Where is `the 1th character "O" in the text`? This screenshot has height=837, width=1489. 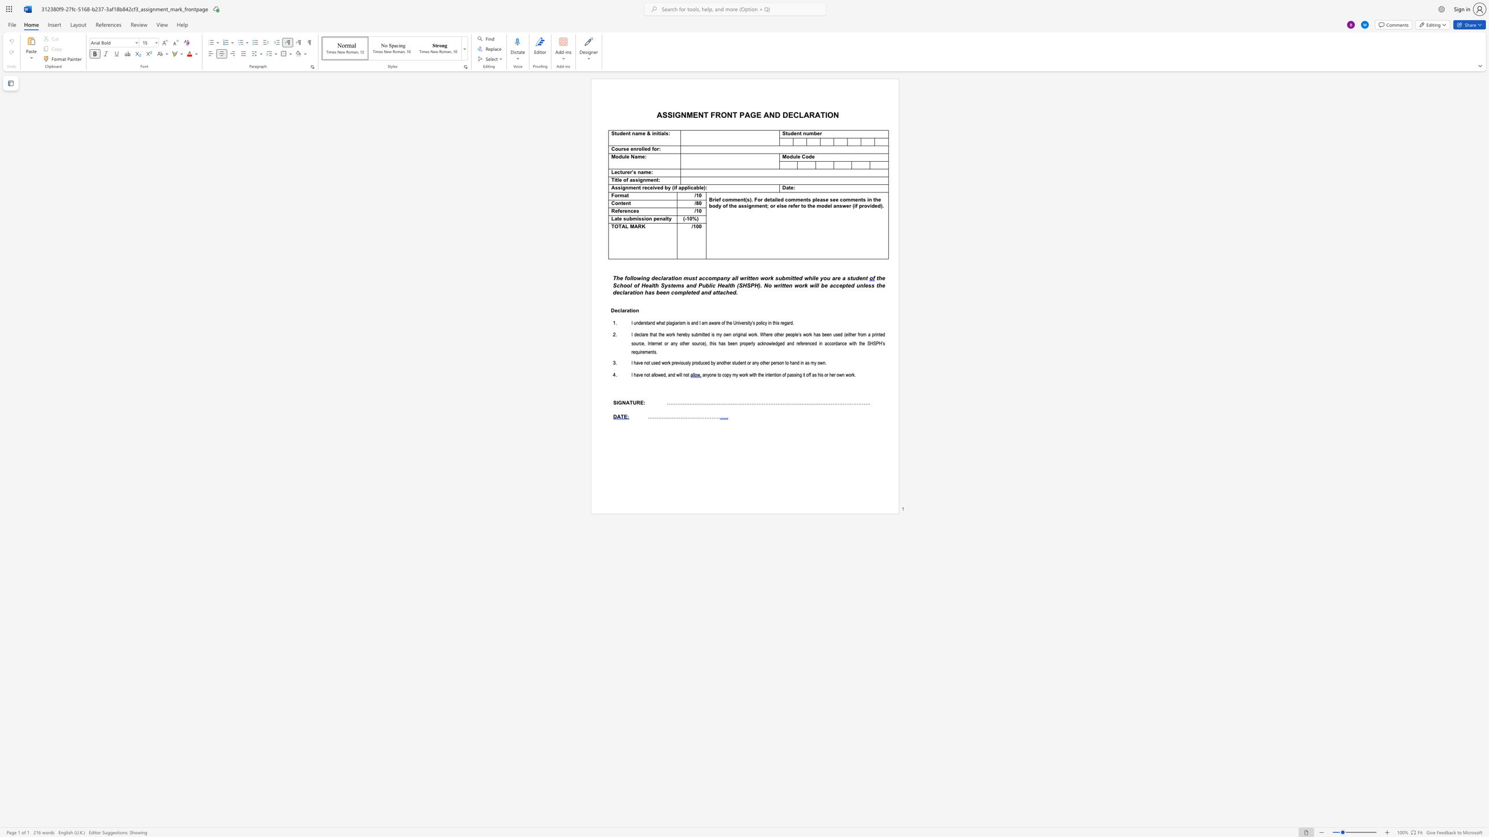
the 1th character "O" in the text is located at coordinates (830, 114).